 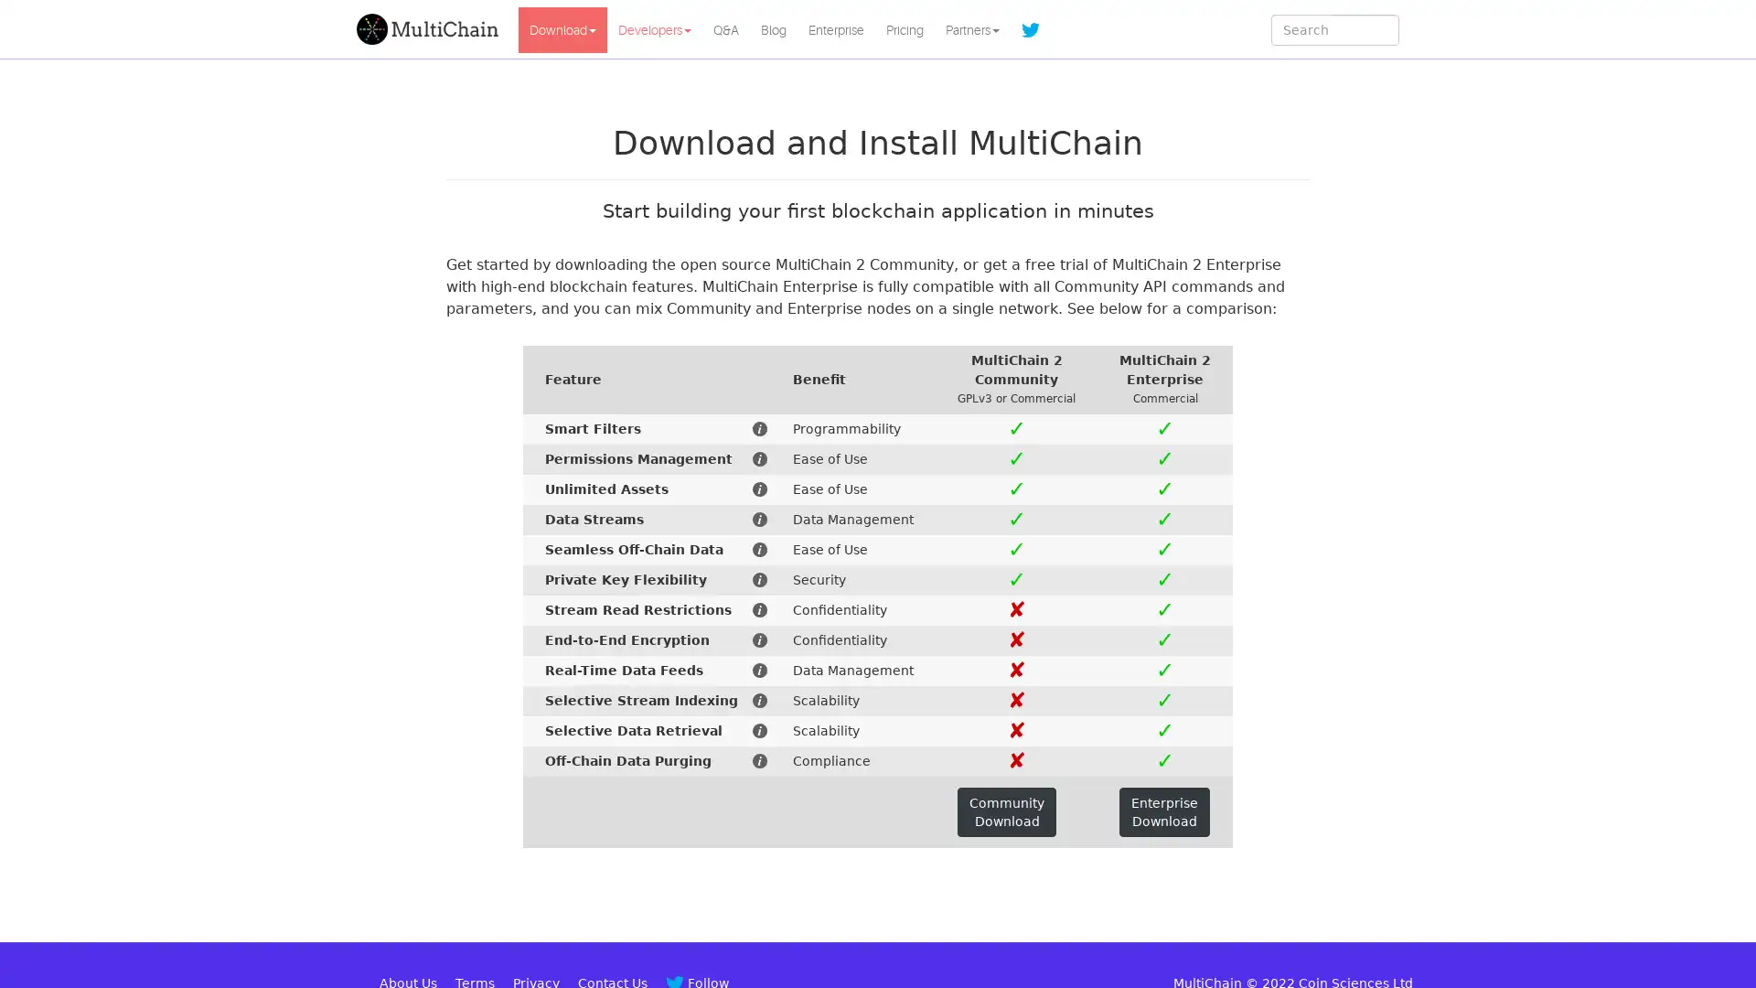 I want to click on Enterprise Download, so click(x=1163, y=811).